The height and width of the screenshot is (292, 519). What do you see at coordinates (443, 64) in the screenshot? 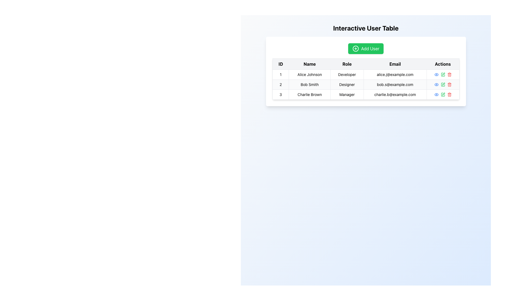
I see `the text label 'Actions' styled in bold black font, located at the top-right corner of the table header, adjacent to 'Email', 'Role', 'Name', and 'ID'` at bounding box center [443, 64].